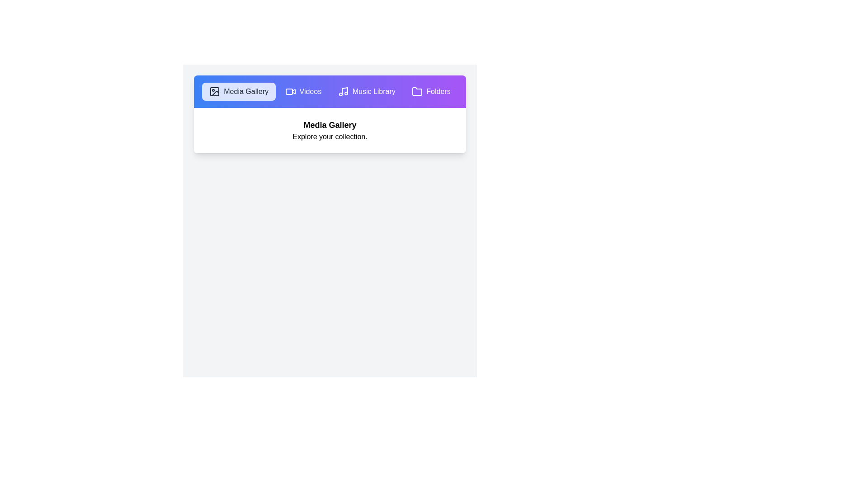 The height and width of the screenshot is (488, 868). I want to click on the 'Folders' button located on the upper right corner of the horizontal menu bar, so click(431, 92).